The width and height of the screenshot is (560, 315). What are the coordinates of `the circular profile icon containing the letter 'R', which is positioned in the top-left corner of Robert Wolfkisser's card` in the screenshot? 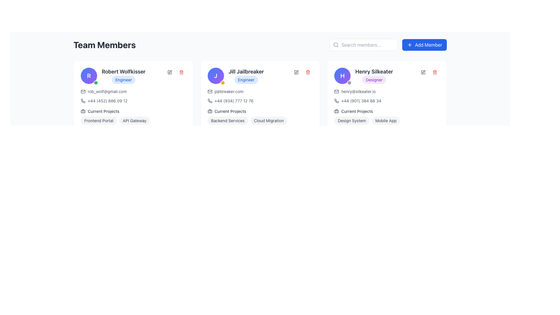 It's located at (89, 75).